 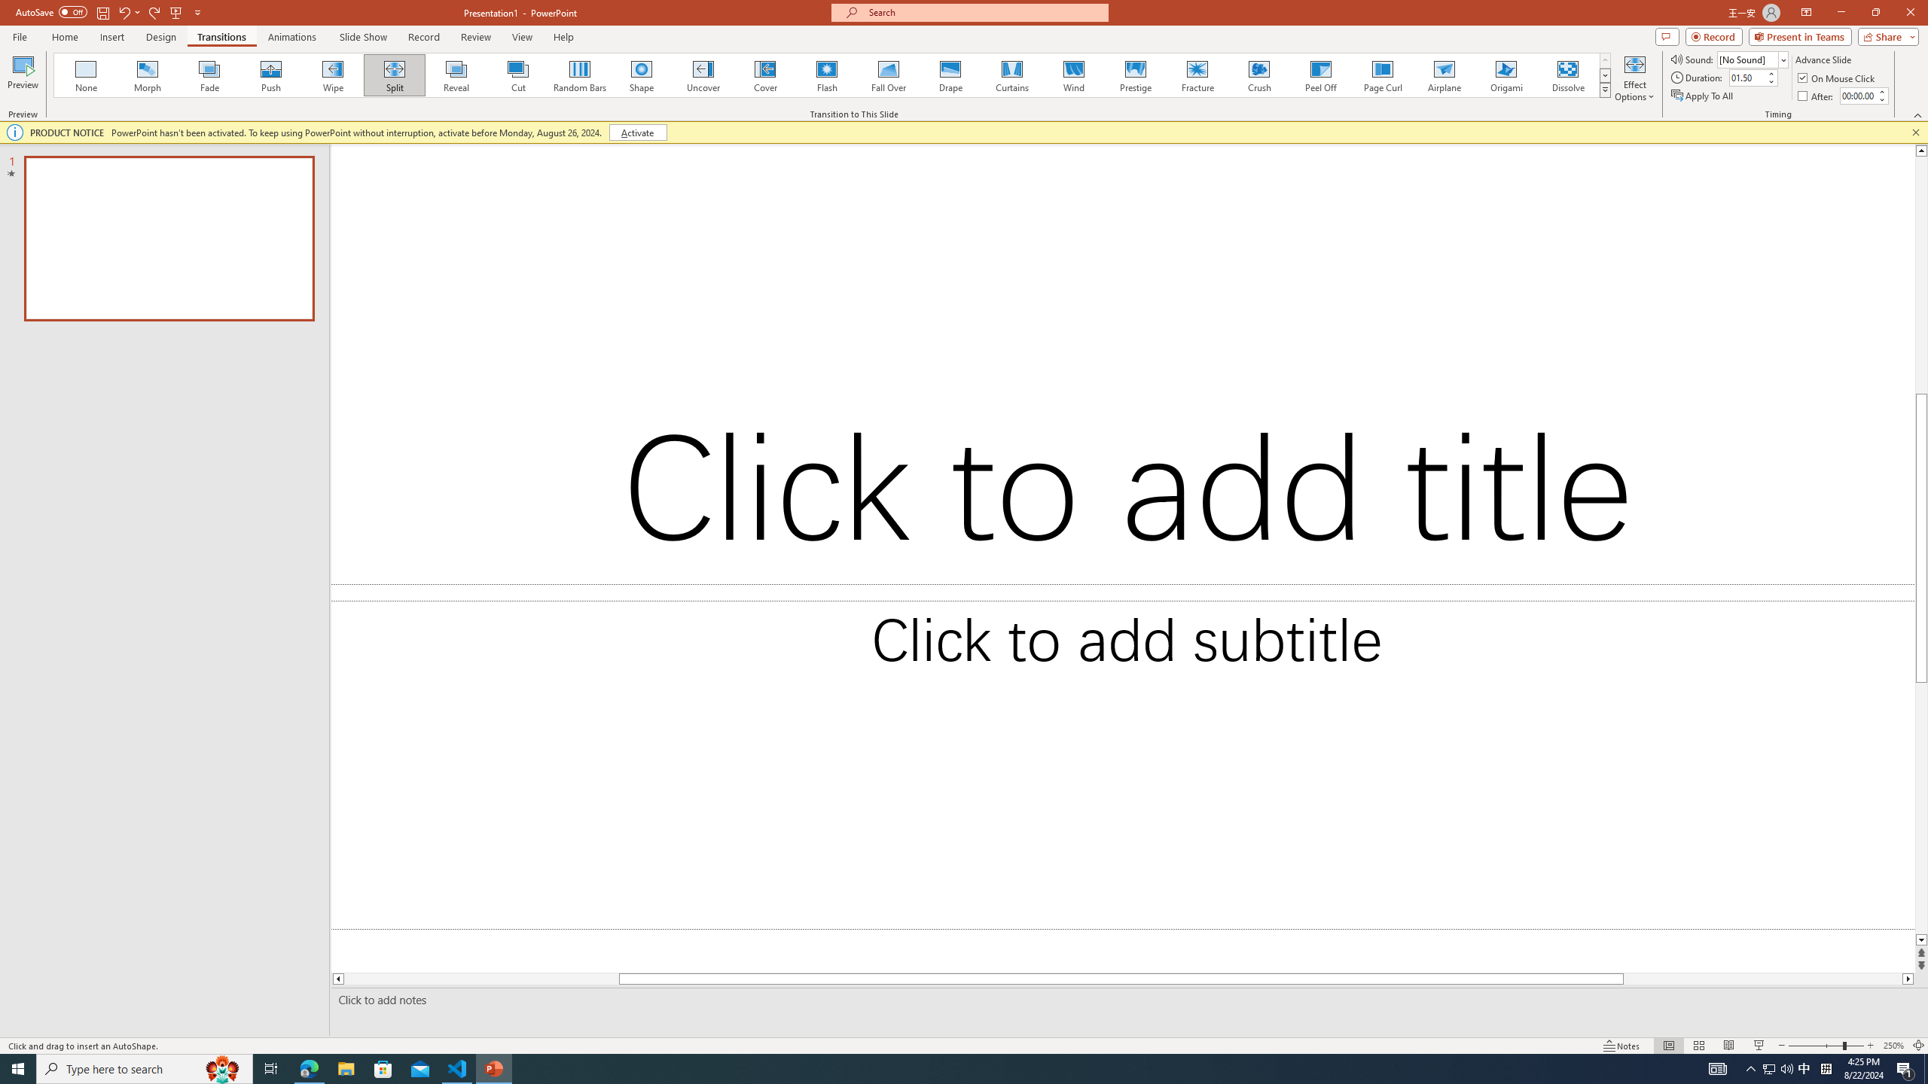 I want to click on 'Flash', so click(x=826, y=75).